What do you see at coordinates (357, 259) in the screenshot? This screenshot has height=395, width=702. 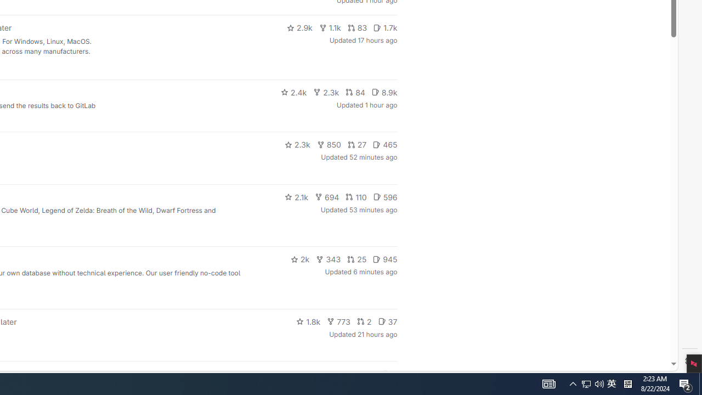 I see `'25'` at bounding box center [357, 259].